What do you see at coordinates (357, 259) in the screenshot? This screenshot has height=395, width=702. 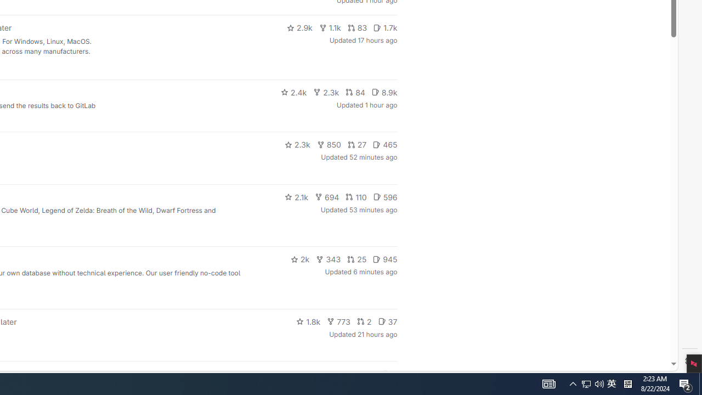 I see `'25'` at bounding box center [357, 259].